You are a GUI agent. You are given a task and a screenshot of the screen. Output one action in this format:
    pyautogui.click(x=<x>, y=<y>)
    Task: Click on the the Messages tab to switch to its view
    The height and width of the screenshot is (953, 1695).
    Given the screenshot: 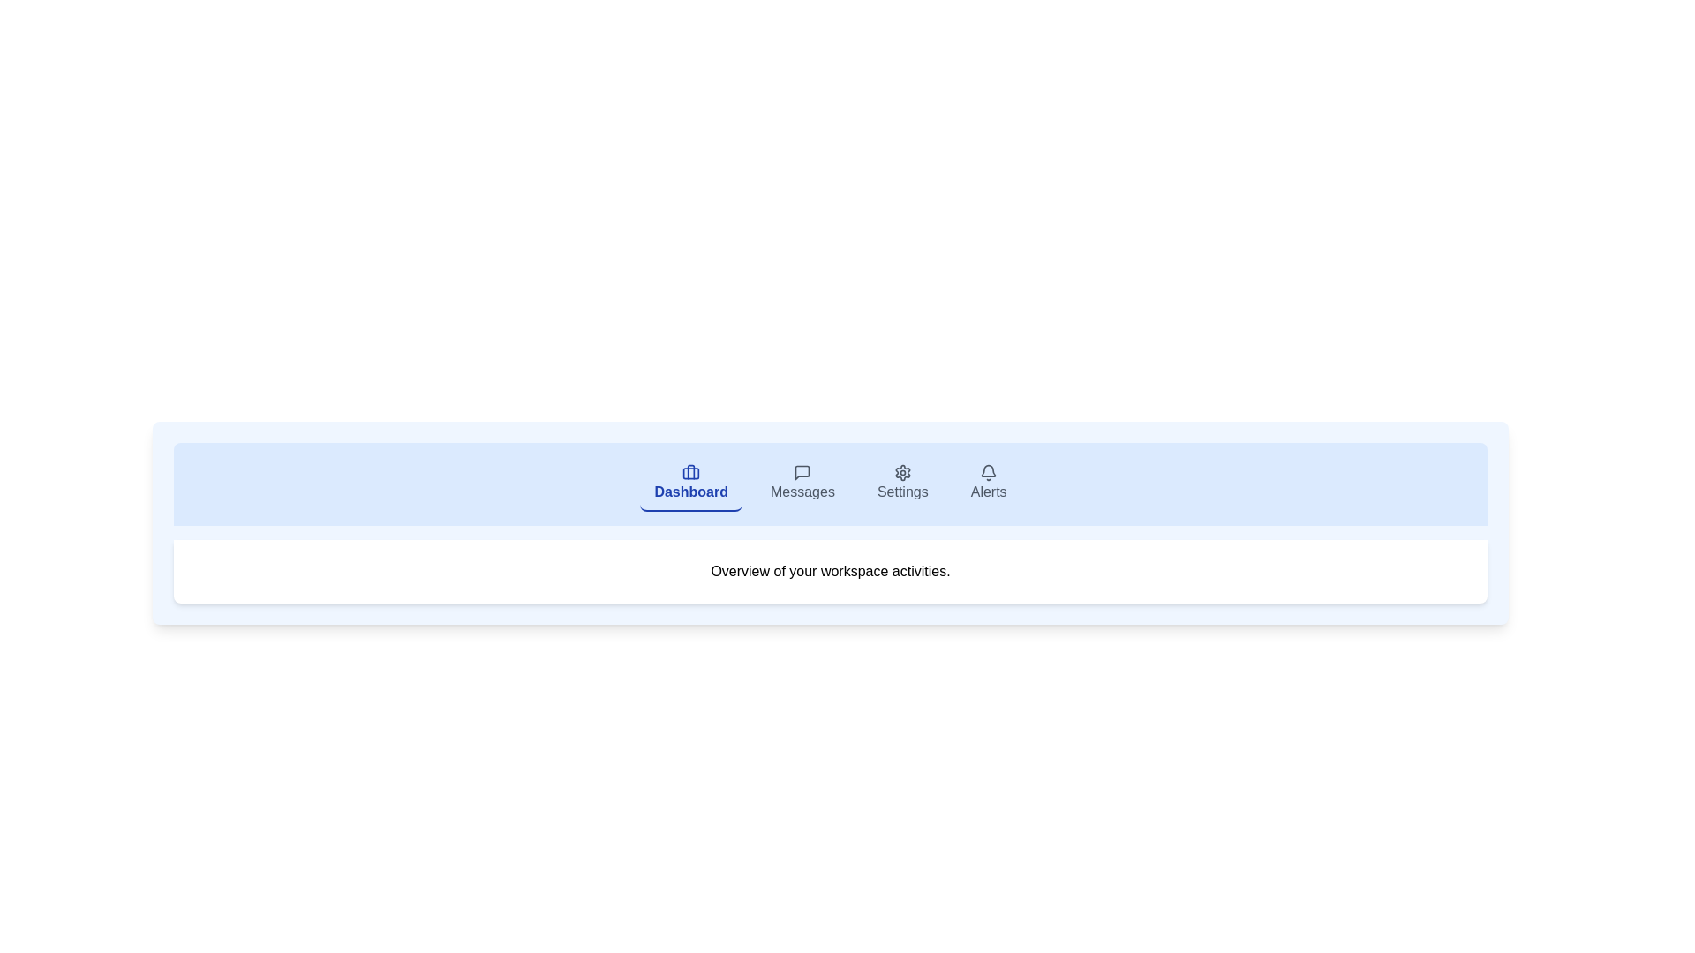 What is the action you would take?
    pyautogui.click(x=801, y=484)
    